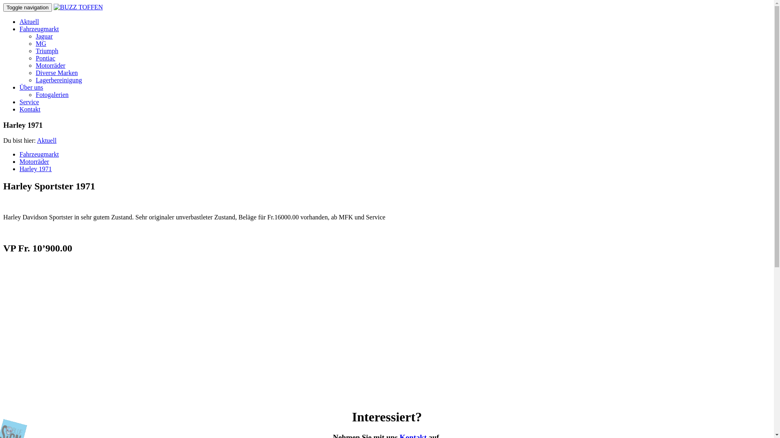  I want to click on 'Pontiac', so click(45, 58).